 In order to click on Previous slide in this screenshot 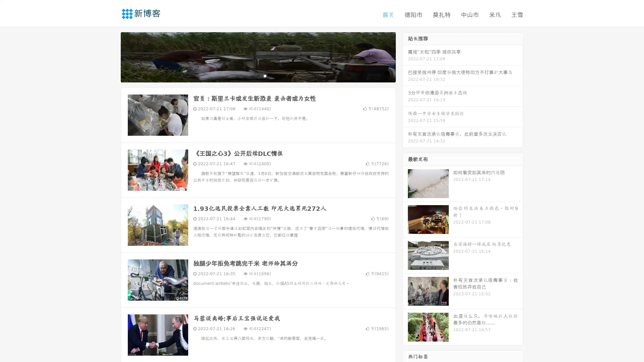, I will do `click(111, 56)`.